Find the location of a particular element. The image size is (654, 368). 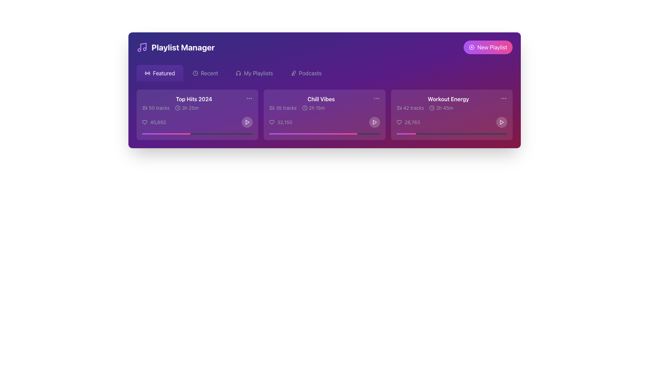

the play button located in the bottom-right corner of the 'Chill Vibes' card is located at coordinates (374, 122).